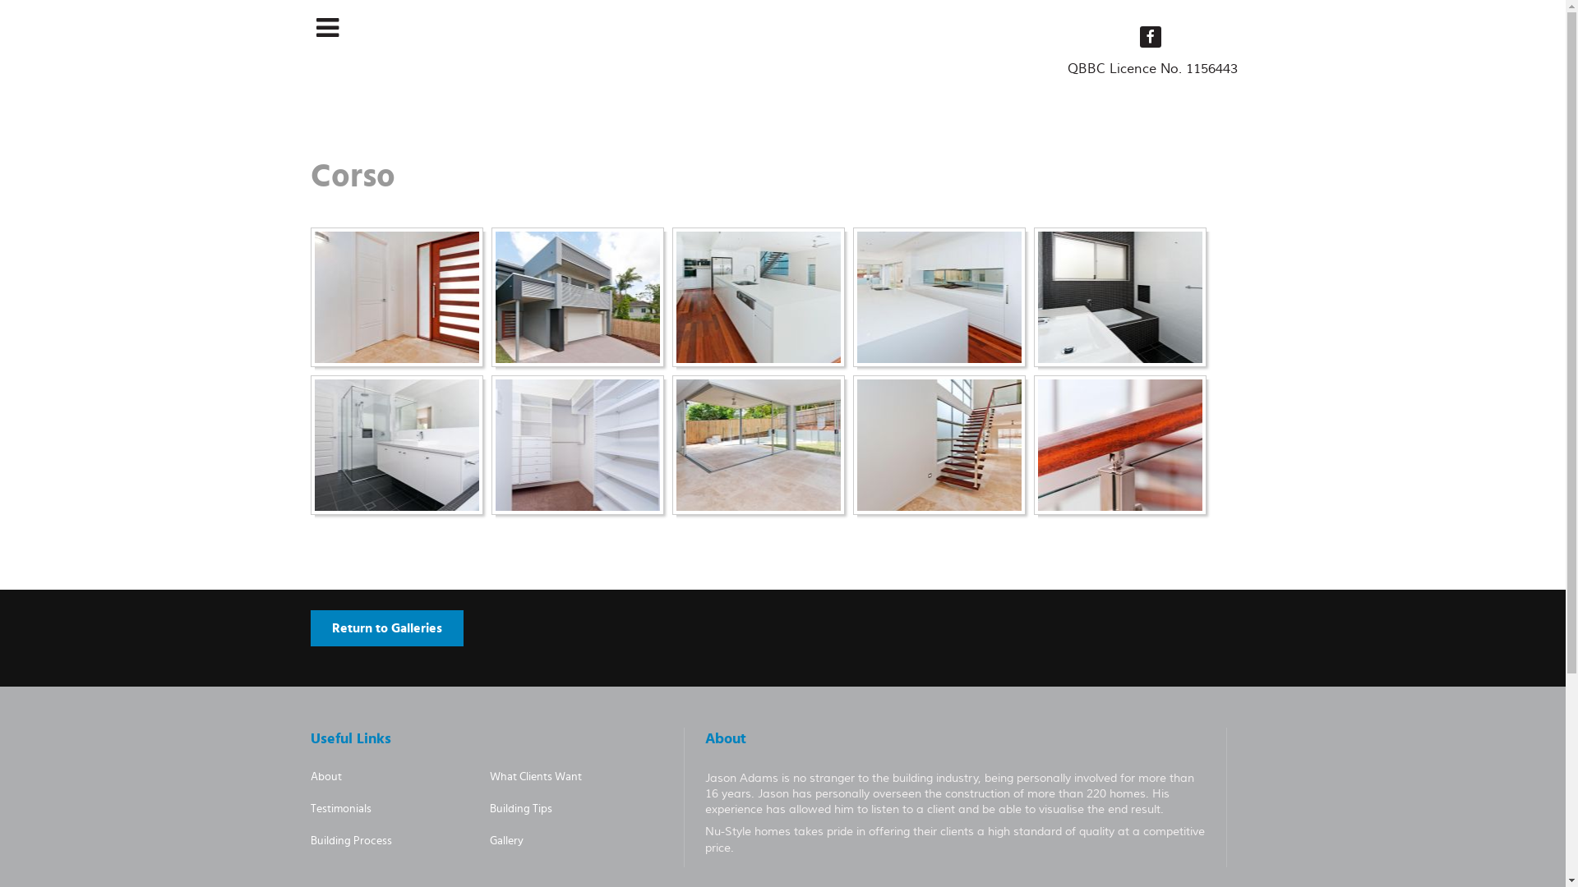  I want to click on 'What Clients Want', so click(536, 776).